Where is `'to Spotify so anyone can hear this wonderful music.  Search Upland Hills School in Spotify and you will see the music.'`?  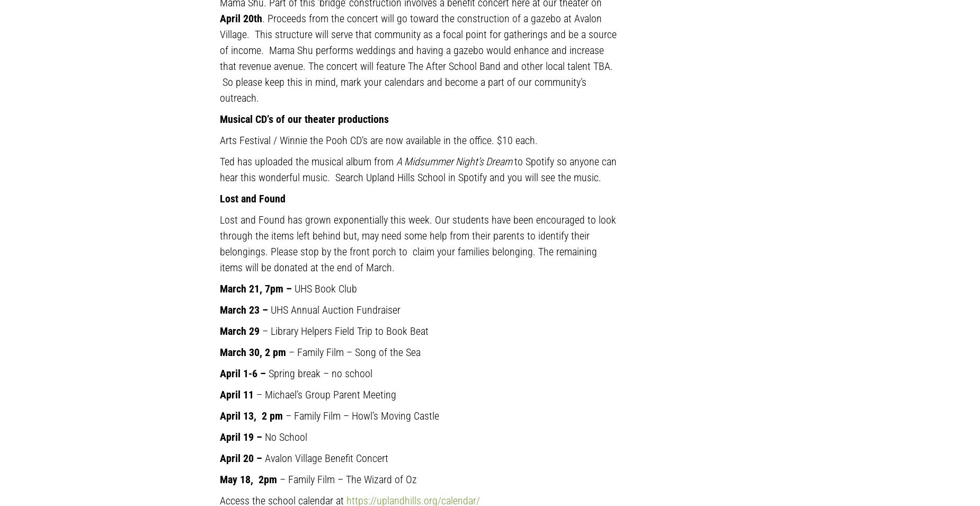 'to Spotify so anyone can hear this wonderful music.  Search Upland Hills School in Spotify and you will see the music.' is located at coordinates (418, 168).